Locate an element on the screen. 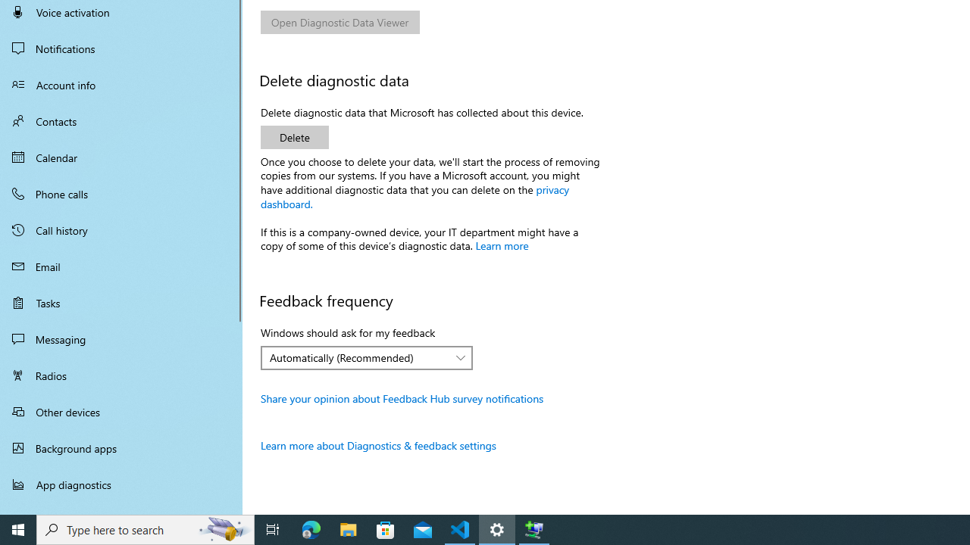  'Account info' is located at coordinates (121, 84).